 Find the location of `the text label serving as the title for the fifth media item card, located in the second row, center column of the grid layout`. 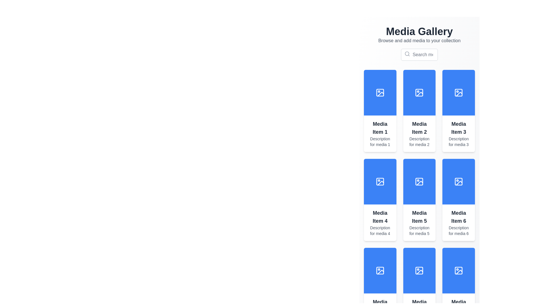

the text label serving as the title for the fifth media item card, located in the second row, center column of the grid layout is located at coordinates (419, 217).